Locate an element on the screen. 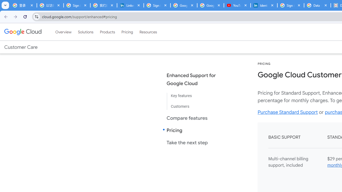  'Products' is located at coordinates (107, 32).